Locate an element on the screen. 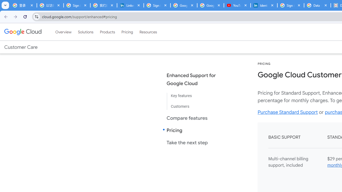  'Products' is located at coordinates (107, 32).